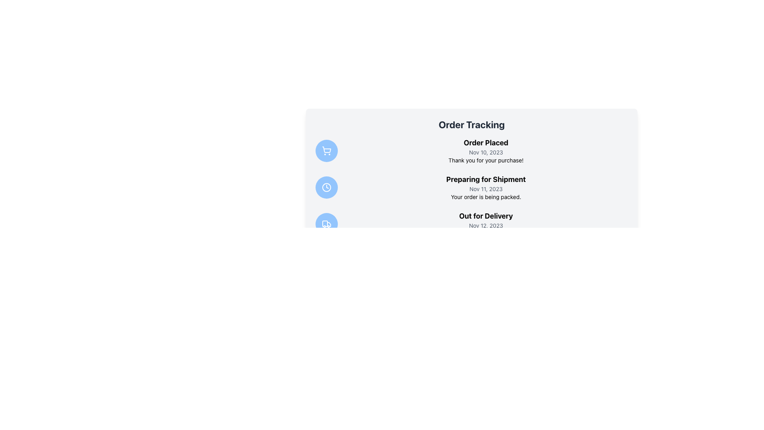  What do you see at coordinates (485, 197) in the screenshot?
I see `the text label that says 'Your order is being packed.' positioned below the 'Preparing for Shipment' label in the 'Order Tracking' section` at bounding box center [485, 197].